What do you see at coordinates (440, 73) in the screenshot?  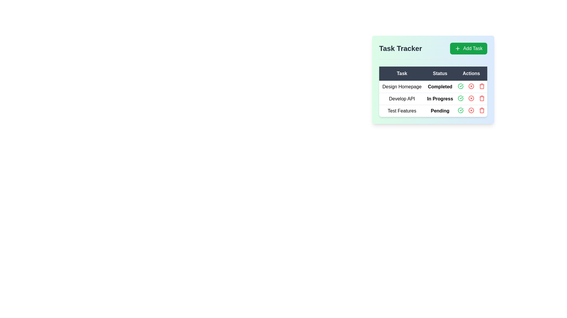 I see `the static text label displaying 'Status' which is centered in a dark-colored rectangular background, located between the 'Task' and 'Actions' elements` at bounding box center [440, 73].